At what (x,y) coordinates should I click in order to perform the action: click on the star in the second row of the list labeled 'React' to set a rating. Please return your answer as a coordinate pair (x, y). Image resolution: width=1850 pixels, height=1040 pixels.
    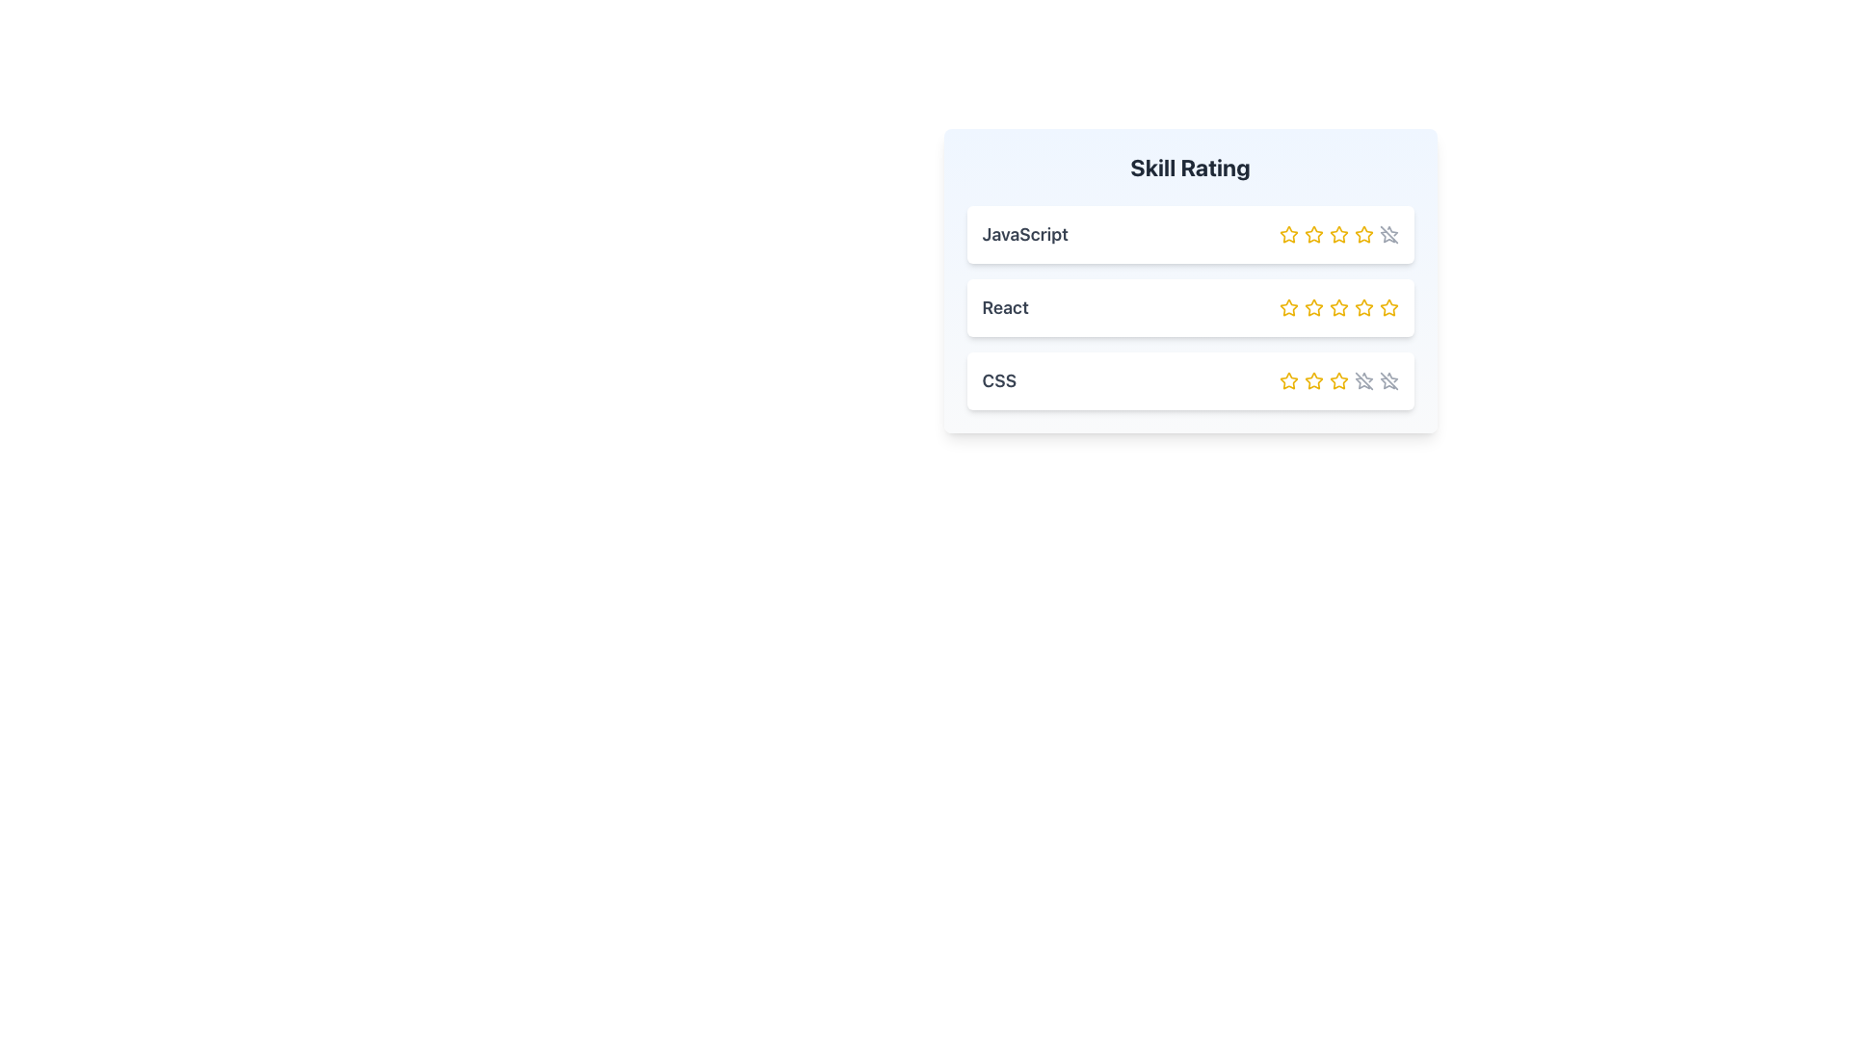
    Looking at the image, I should click on (1337, 307).